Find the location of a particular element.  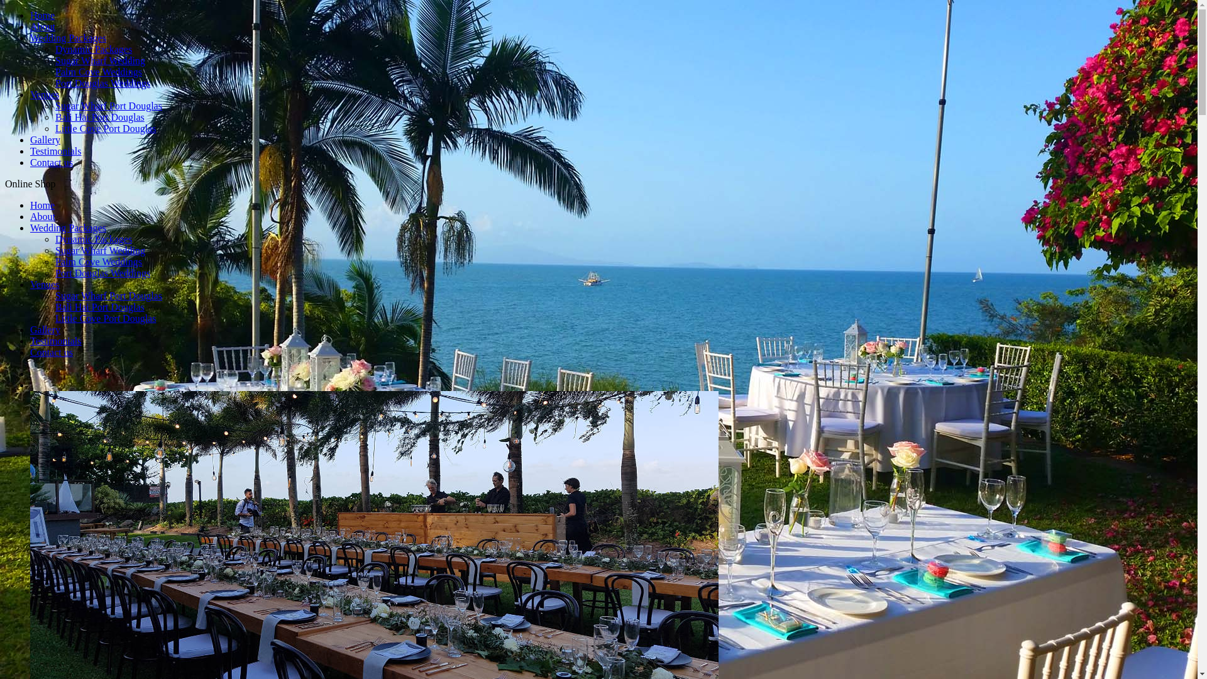

'Wedding Packages' is located at coordinates (67, 228).